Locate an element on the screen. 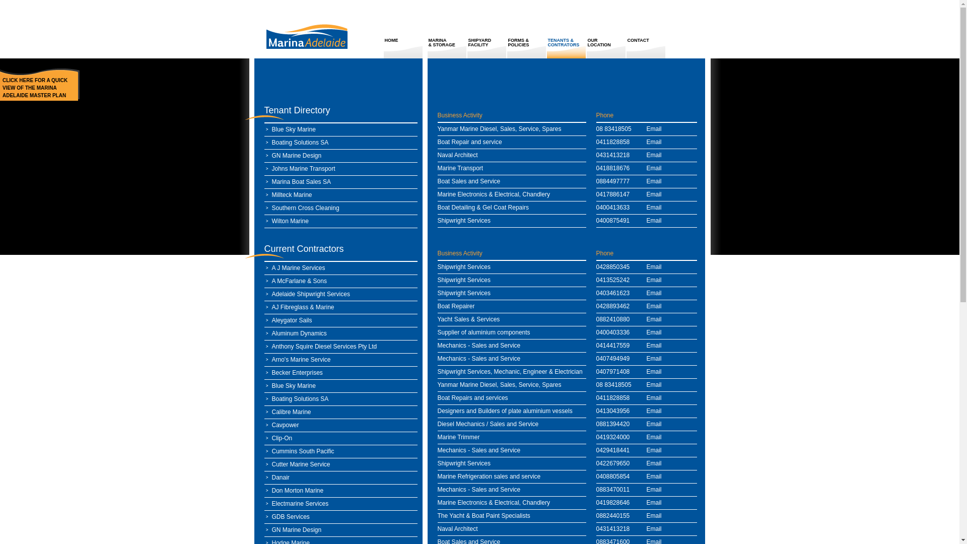 The width and height of the screenshot is (967, 544). 'SHIPYARD is located at coordinates (487, 48).